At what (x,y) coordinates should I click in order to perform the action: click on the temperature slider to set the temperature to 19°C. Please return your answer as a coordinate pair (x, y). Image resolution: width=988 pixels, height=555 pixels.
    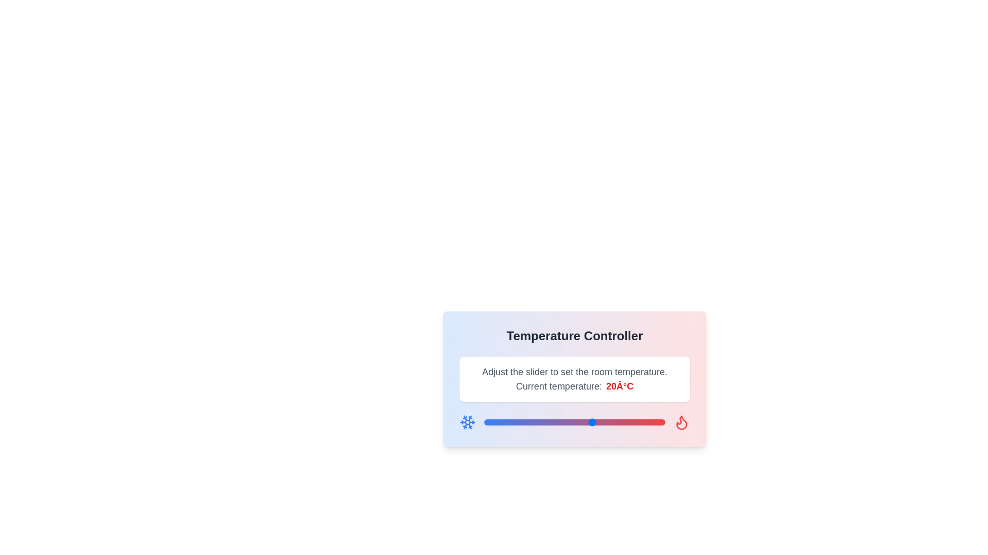
    Looking at the image, I should click on (589, 422).